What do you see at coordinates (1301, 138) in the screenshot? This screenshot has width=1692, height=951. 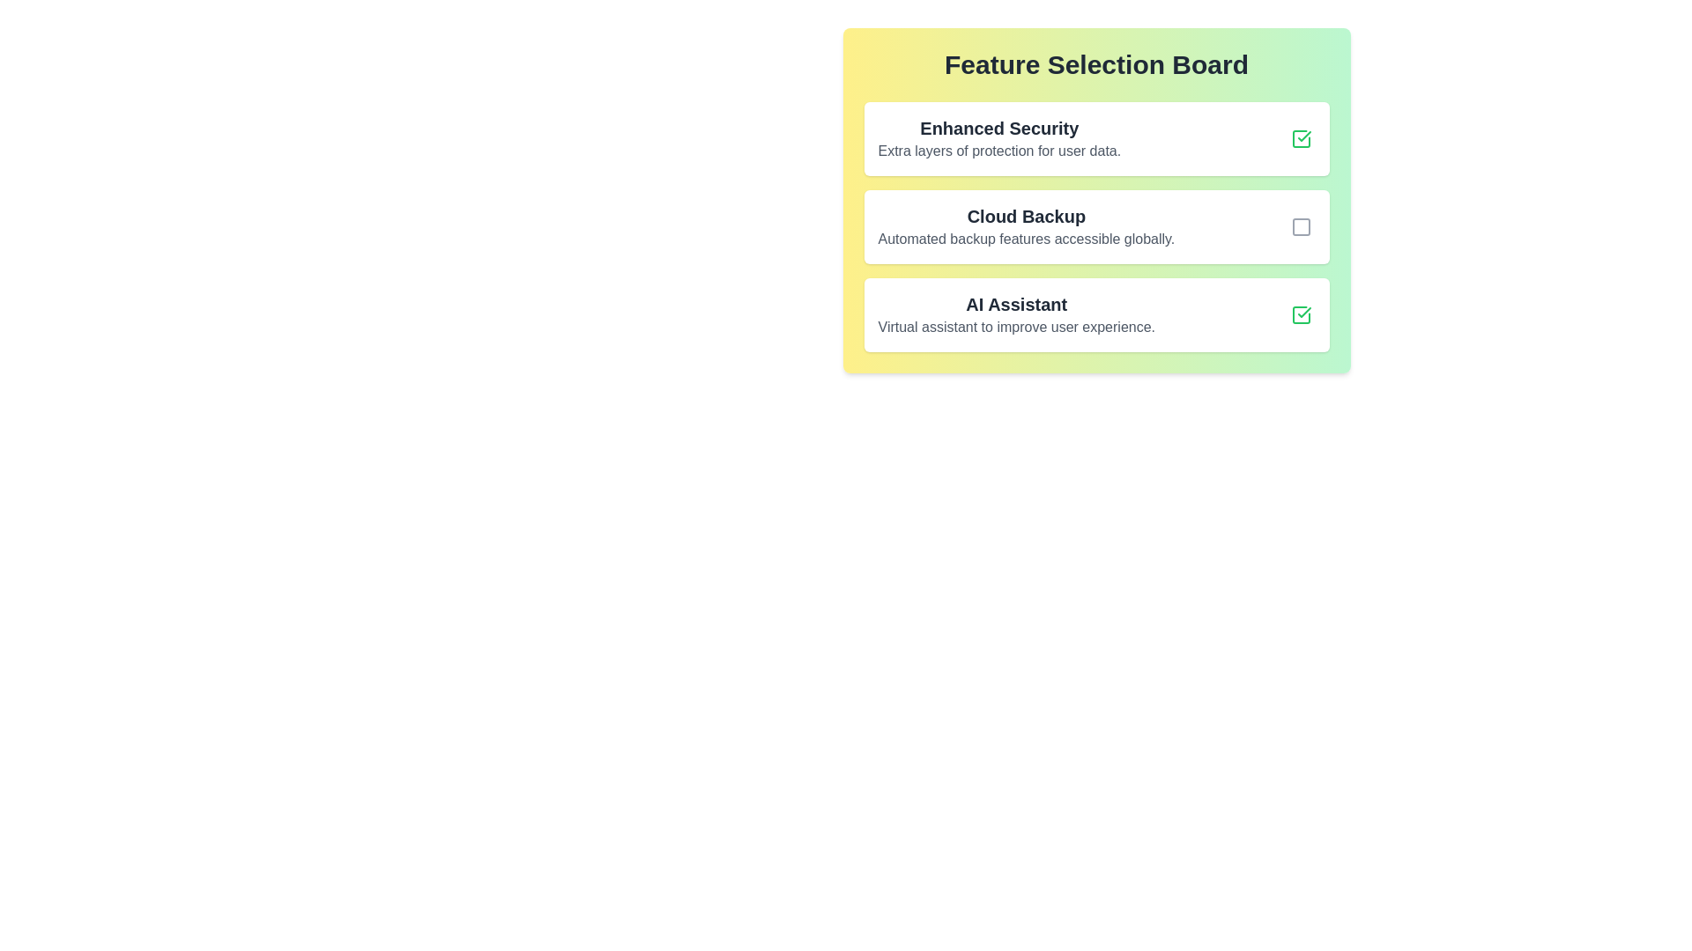 I see `the green checkmark icon indicating that the 'Enhanced Security' option is selected, located adjacent to the 'Enhanced Security' text label in the Feature Selection Board` at bounding box center [1301, 138].